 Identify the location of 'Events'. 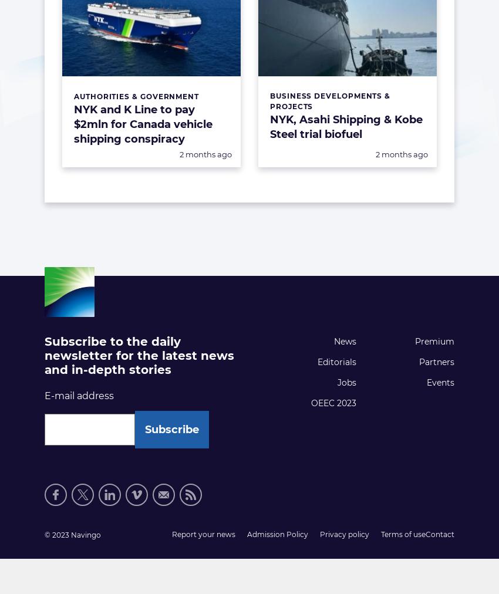
(427, 383).